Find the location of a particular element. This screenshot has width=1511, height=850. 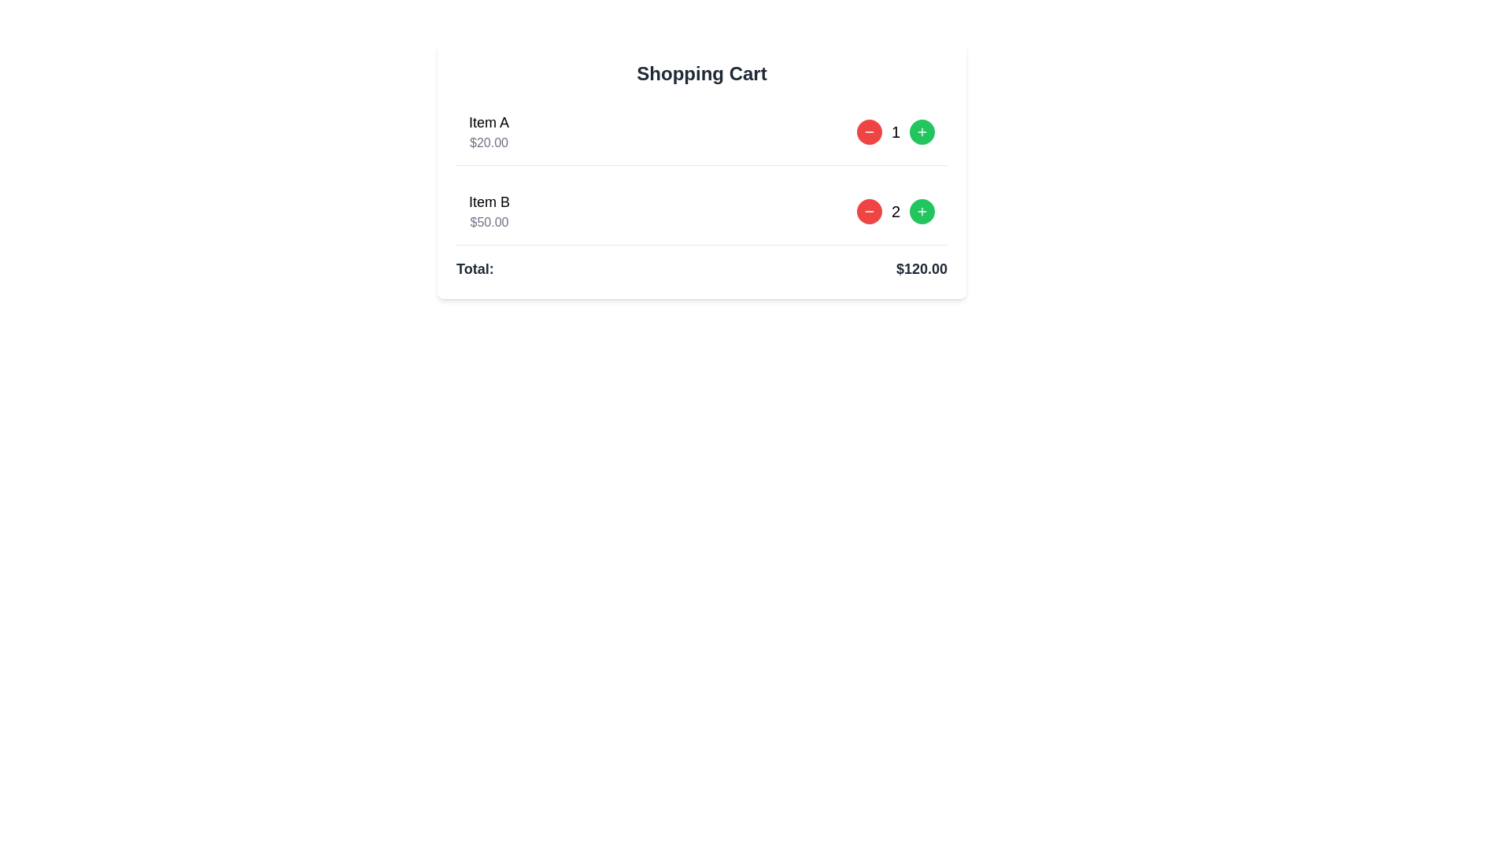

the text display that shows the name and price of 'Item B' in the shopping cart list, located in the second row under 'Item A' is located at coordinates (489, 211).